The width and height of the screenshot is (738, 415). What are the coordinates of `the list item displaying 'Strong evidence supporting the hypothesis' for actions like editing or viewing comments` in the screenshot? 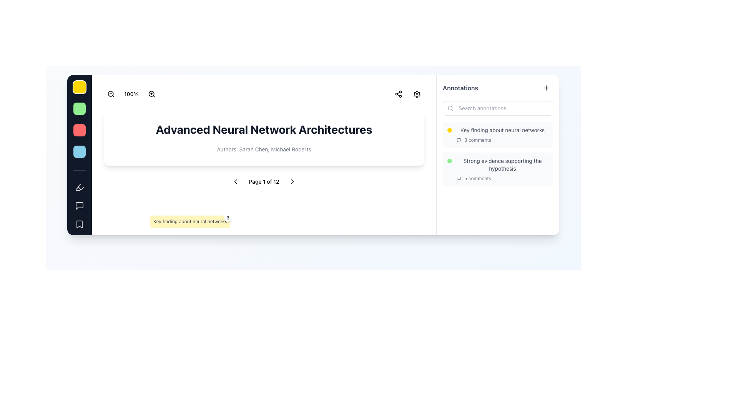 It's located at (498, 154).